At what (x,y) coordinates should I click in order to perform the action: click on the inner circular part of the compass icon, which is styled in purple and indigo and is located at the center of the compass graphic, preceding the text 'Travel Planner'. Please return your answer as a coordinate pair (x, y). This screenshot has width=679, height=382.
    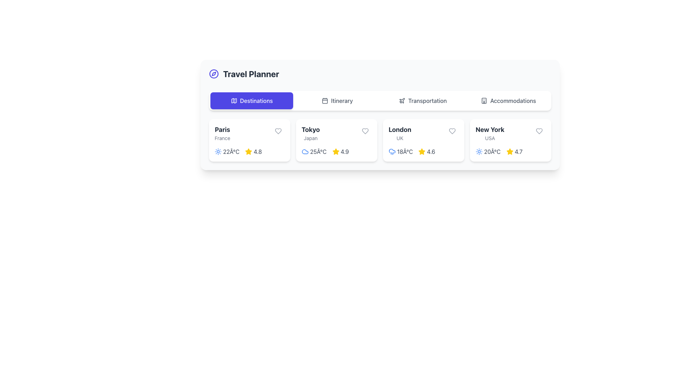
    Looking at the image, I should click on (213, 74).